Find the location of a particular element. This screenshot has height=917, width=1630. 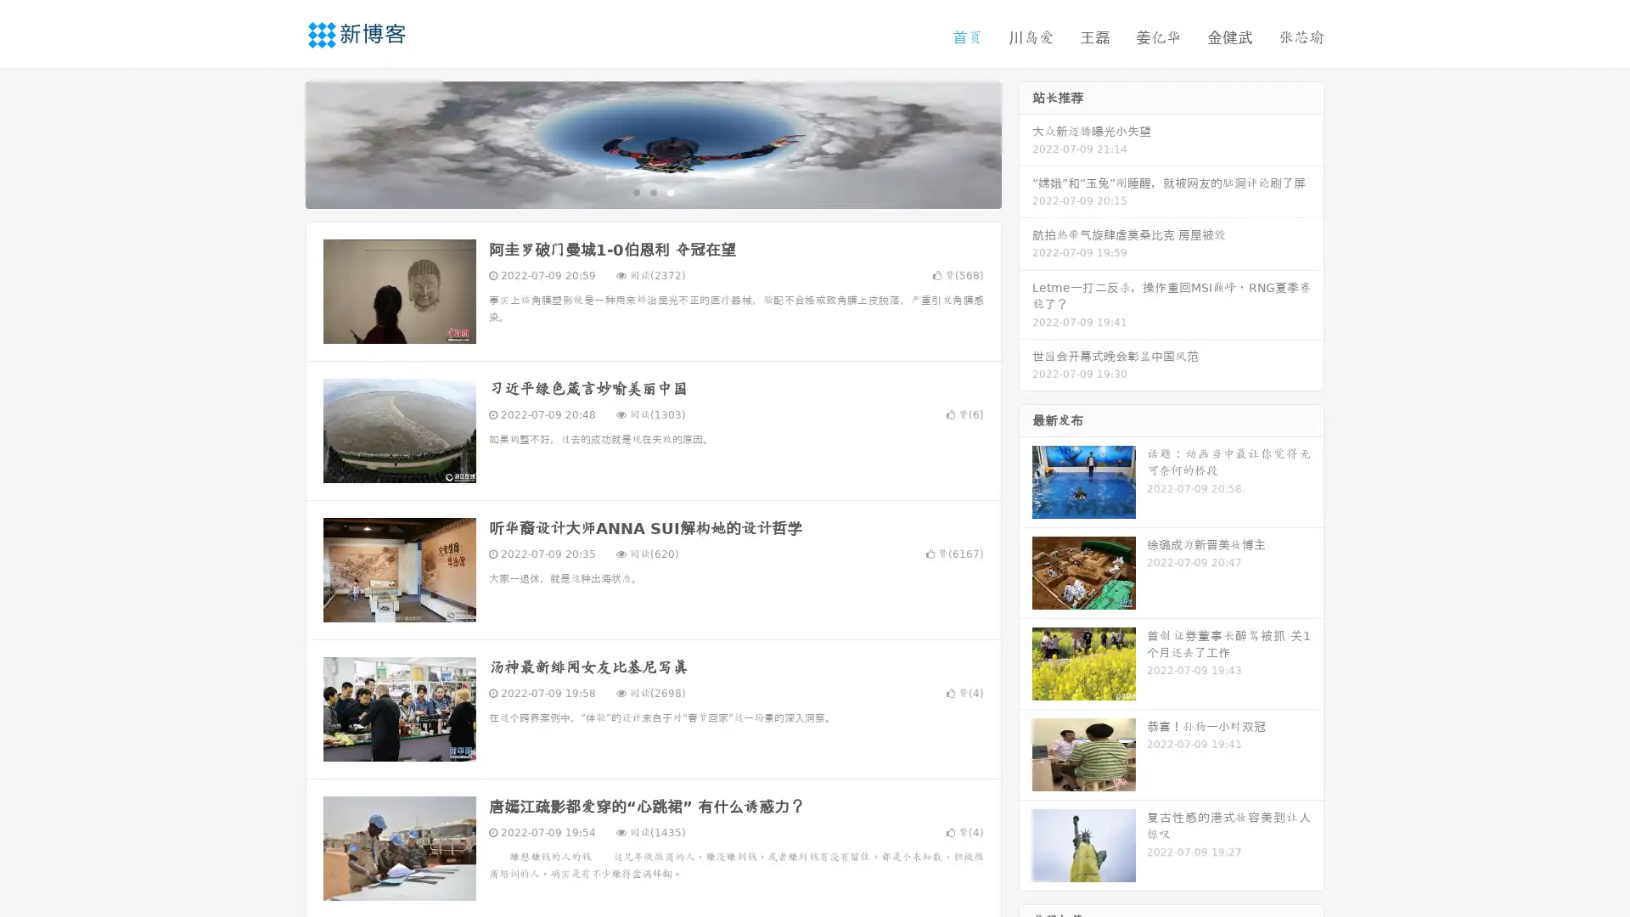

Go to slide 2 is located at coordinates (652, 191).